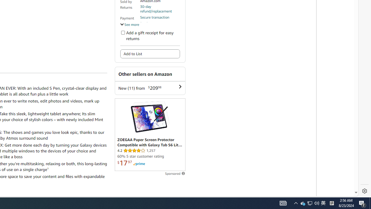 Image resolution: width=371 pixels, height=209 pixels. I want to click on 'Prime', so click(139, 164).